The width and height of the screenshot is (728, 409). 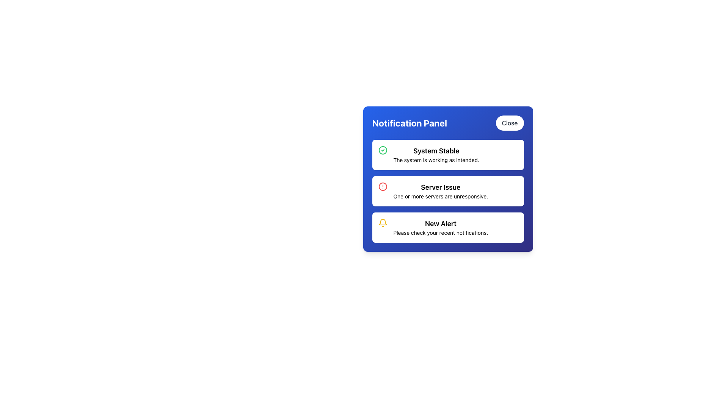 I want to click on status message displayed in the text block that shows 'System Stable' and 'The system is working as intended' located in the upper-middle section of the blue Notification Panel, so click(x=436, y=154).